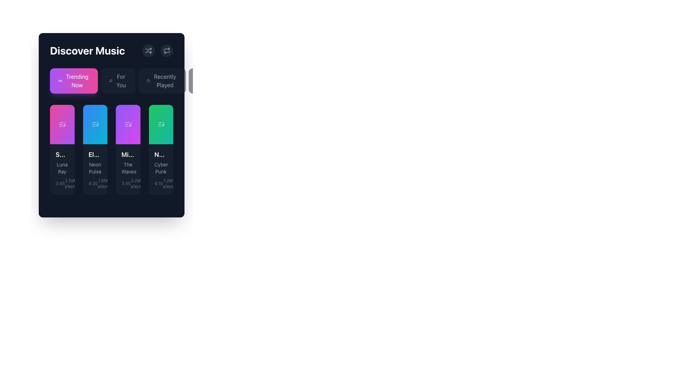 Image resolution: width=676 pixels, height=380 pixels. I want to click on title text label located in the upper-left section of the content card within the Discover Music section, which is styled in bold white text with a truncation effect, so click(62, 154).